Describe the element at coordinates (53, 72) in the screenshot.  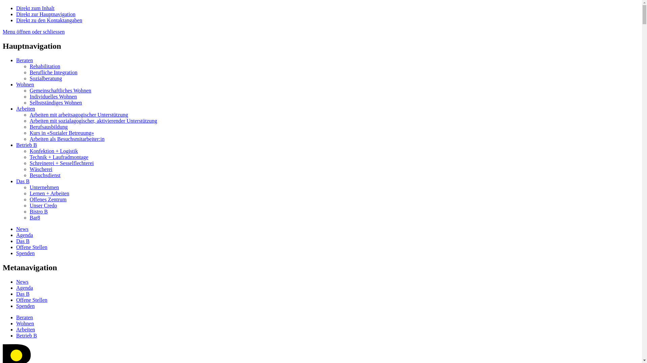
I see `'Berufliche Integration'` at that location.